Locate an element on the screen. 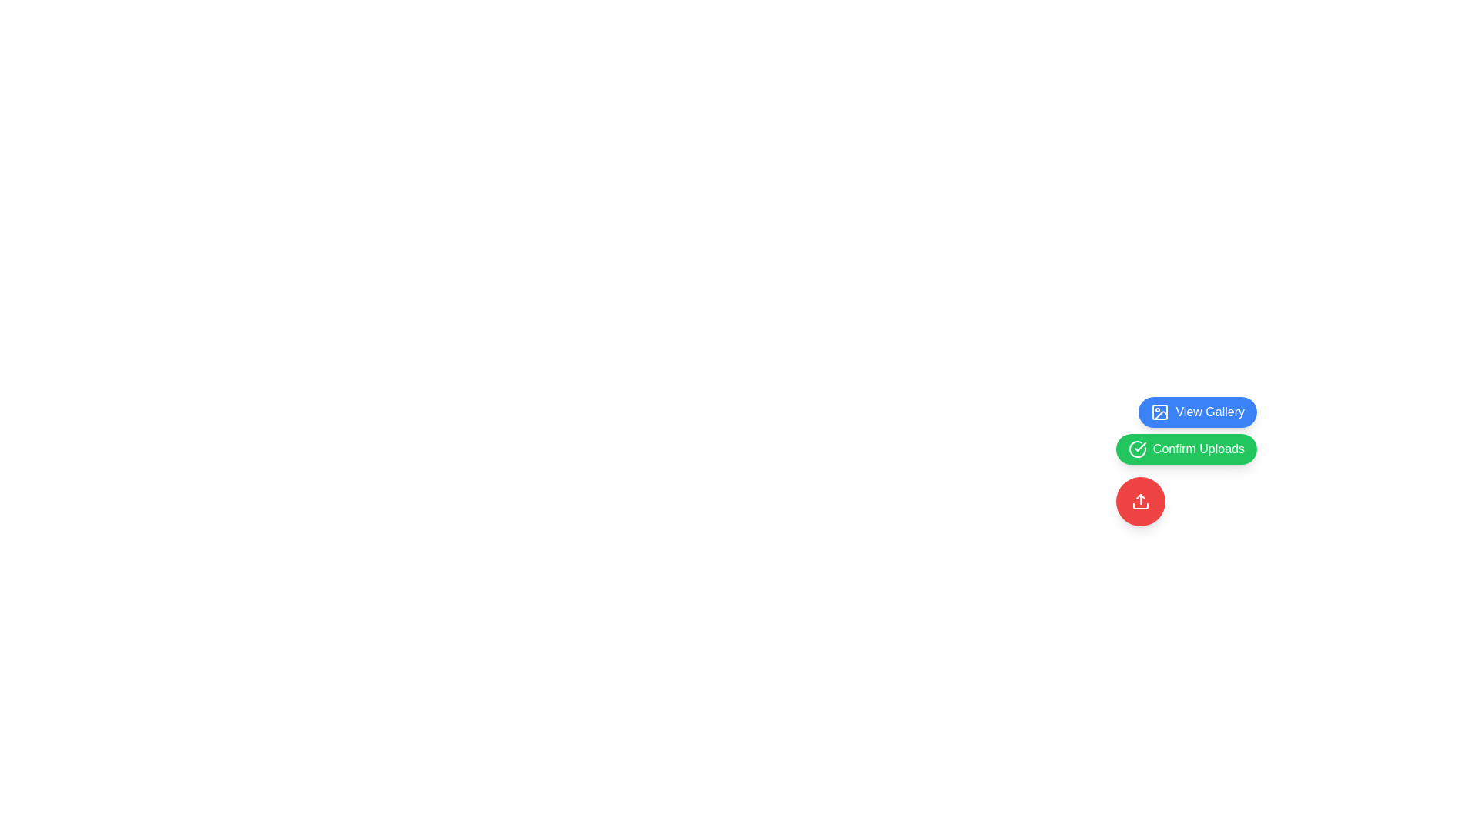 This screenshot has width=1478, height=831. the upload action button located at the bottom of the vertical stack of buttons, just below the 'Confirm Uploads' green button is located at coordinates (1140, 501).